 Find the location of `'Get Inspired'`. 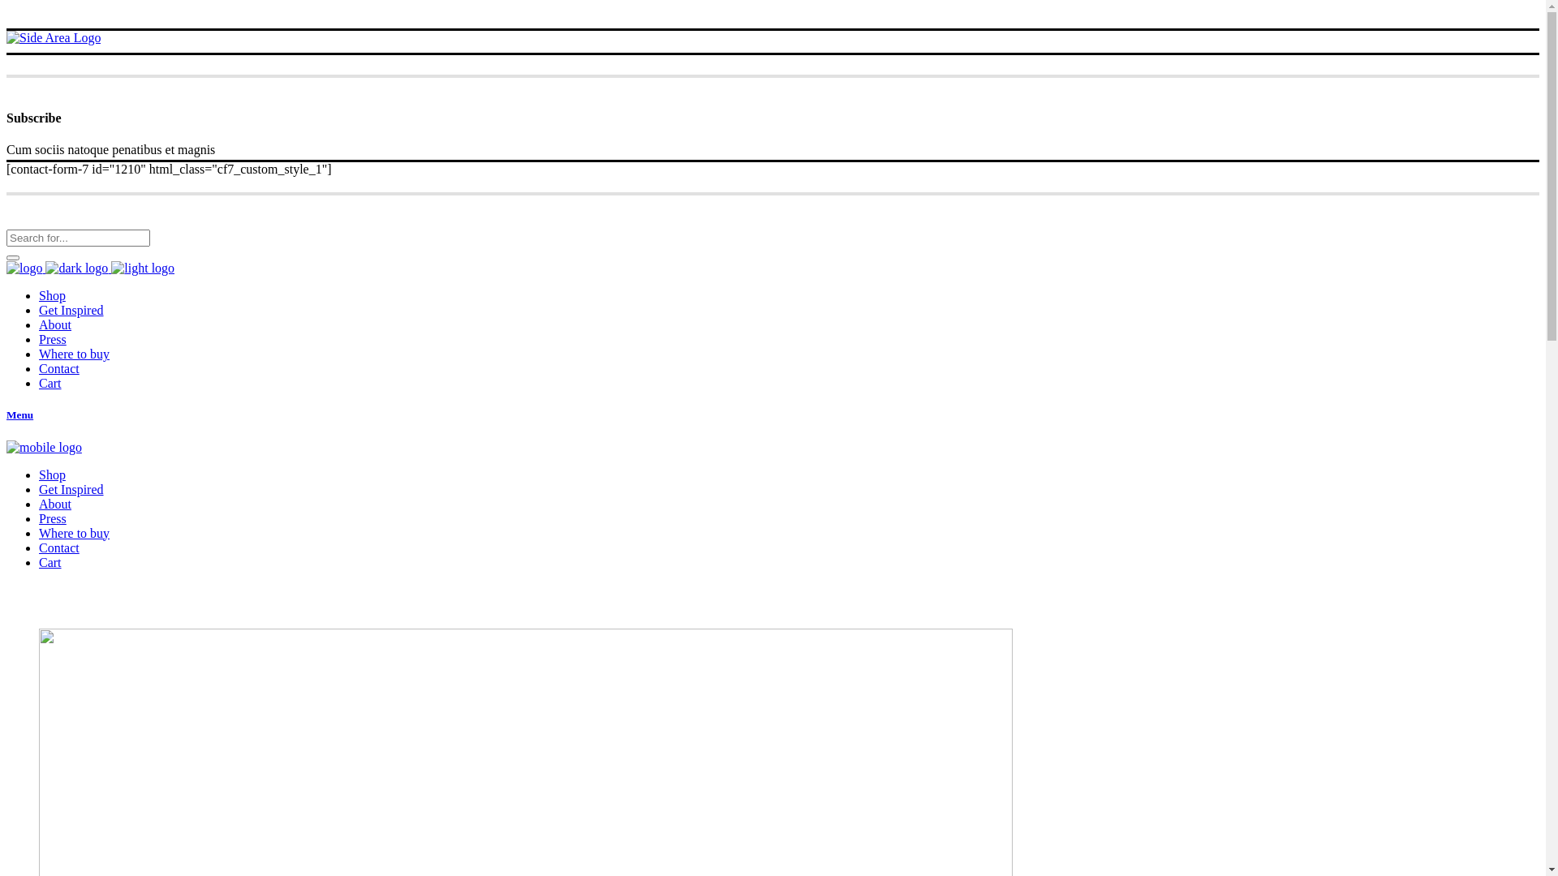

'Get Inspired' is located at coordinates (70, 488).